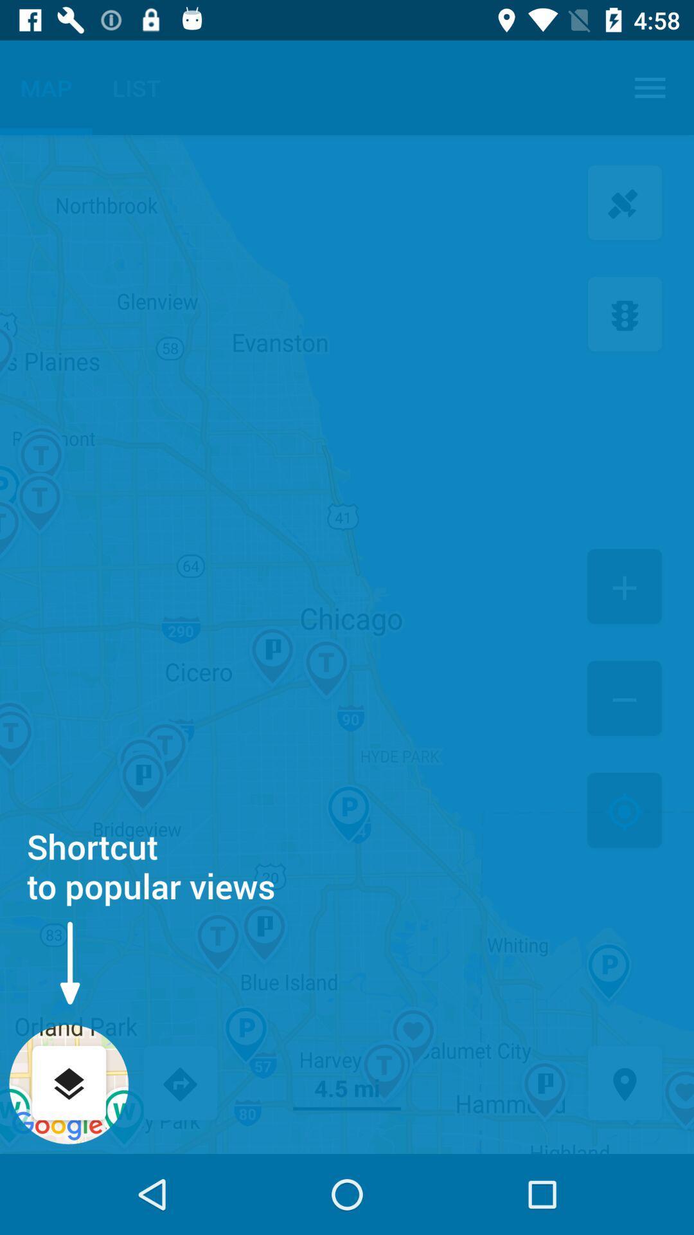  I want to click on view type, so click(69, 1084).